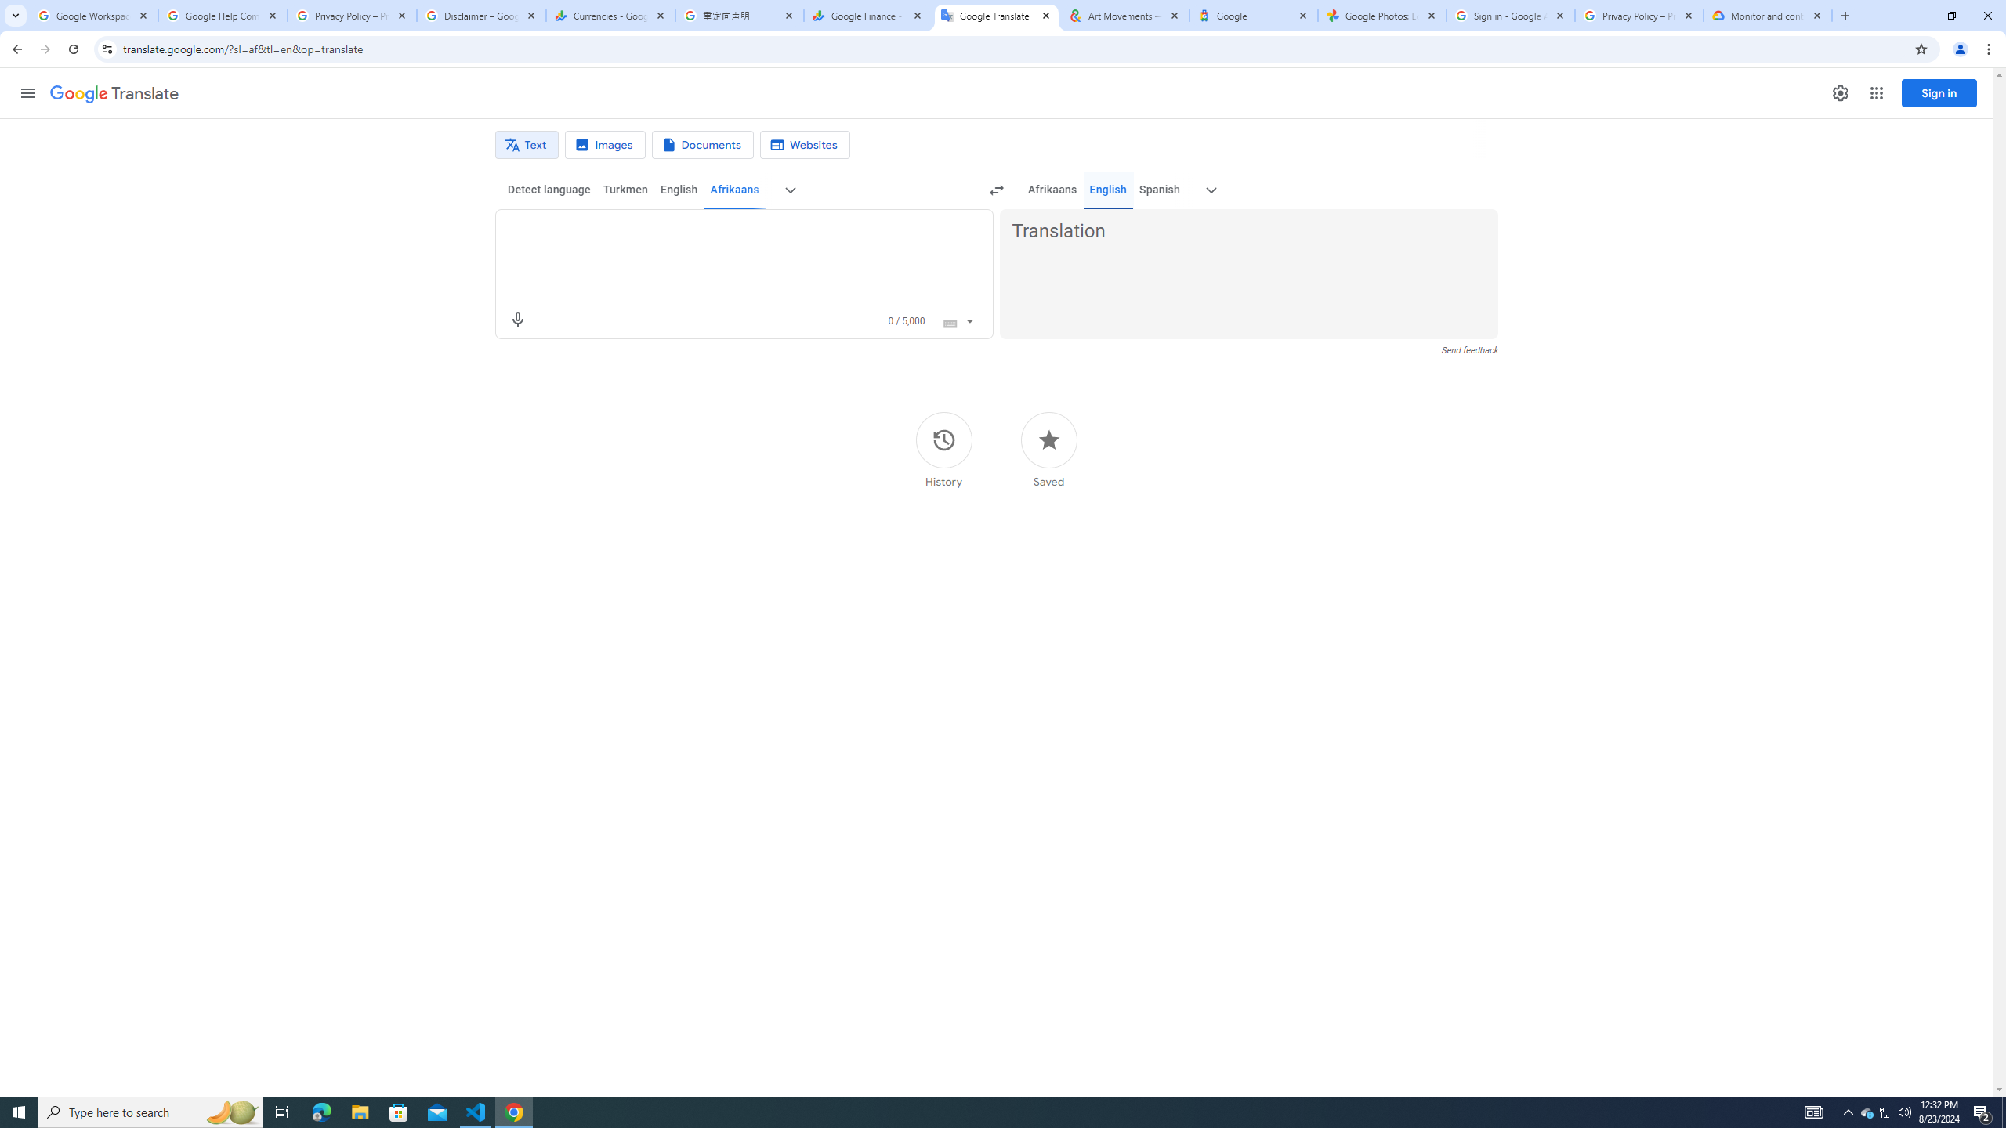 Image resolution: width=2006 pixels, height=1128 pixels. I want to click on 'Google', so click(1253, 15).